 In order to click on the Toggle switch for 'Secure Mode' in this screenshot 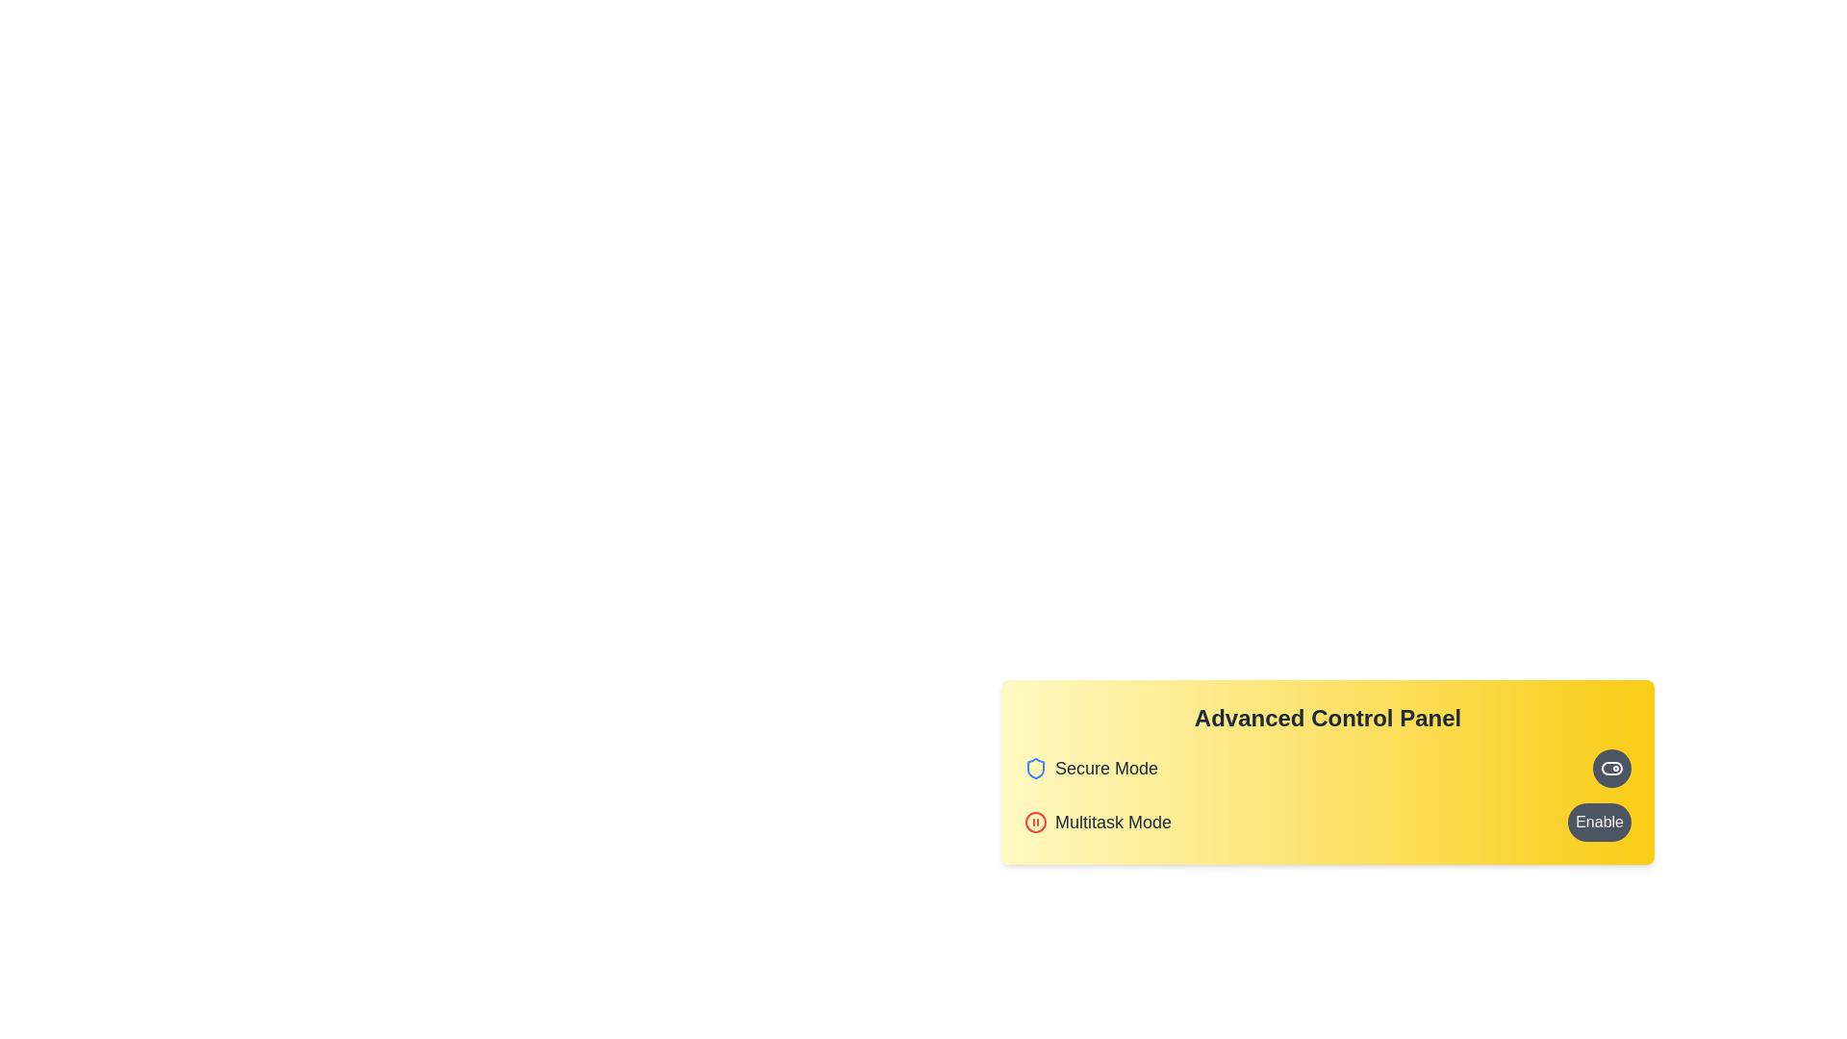, I will do `click(1611, 767)`.